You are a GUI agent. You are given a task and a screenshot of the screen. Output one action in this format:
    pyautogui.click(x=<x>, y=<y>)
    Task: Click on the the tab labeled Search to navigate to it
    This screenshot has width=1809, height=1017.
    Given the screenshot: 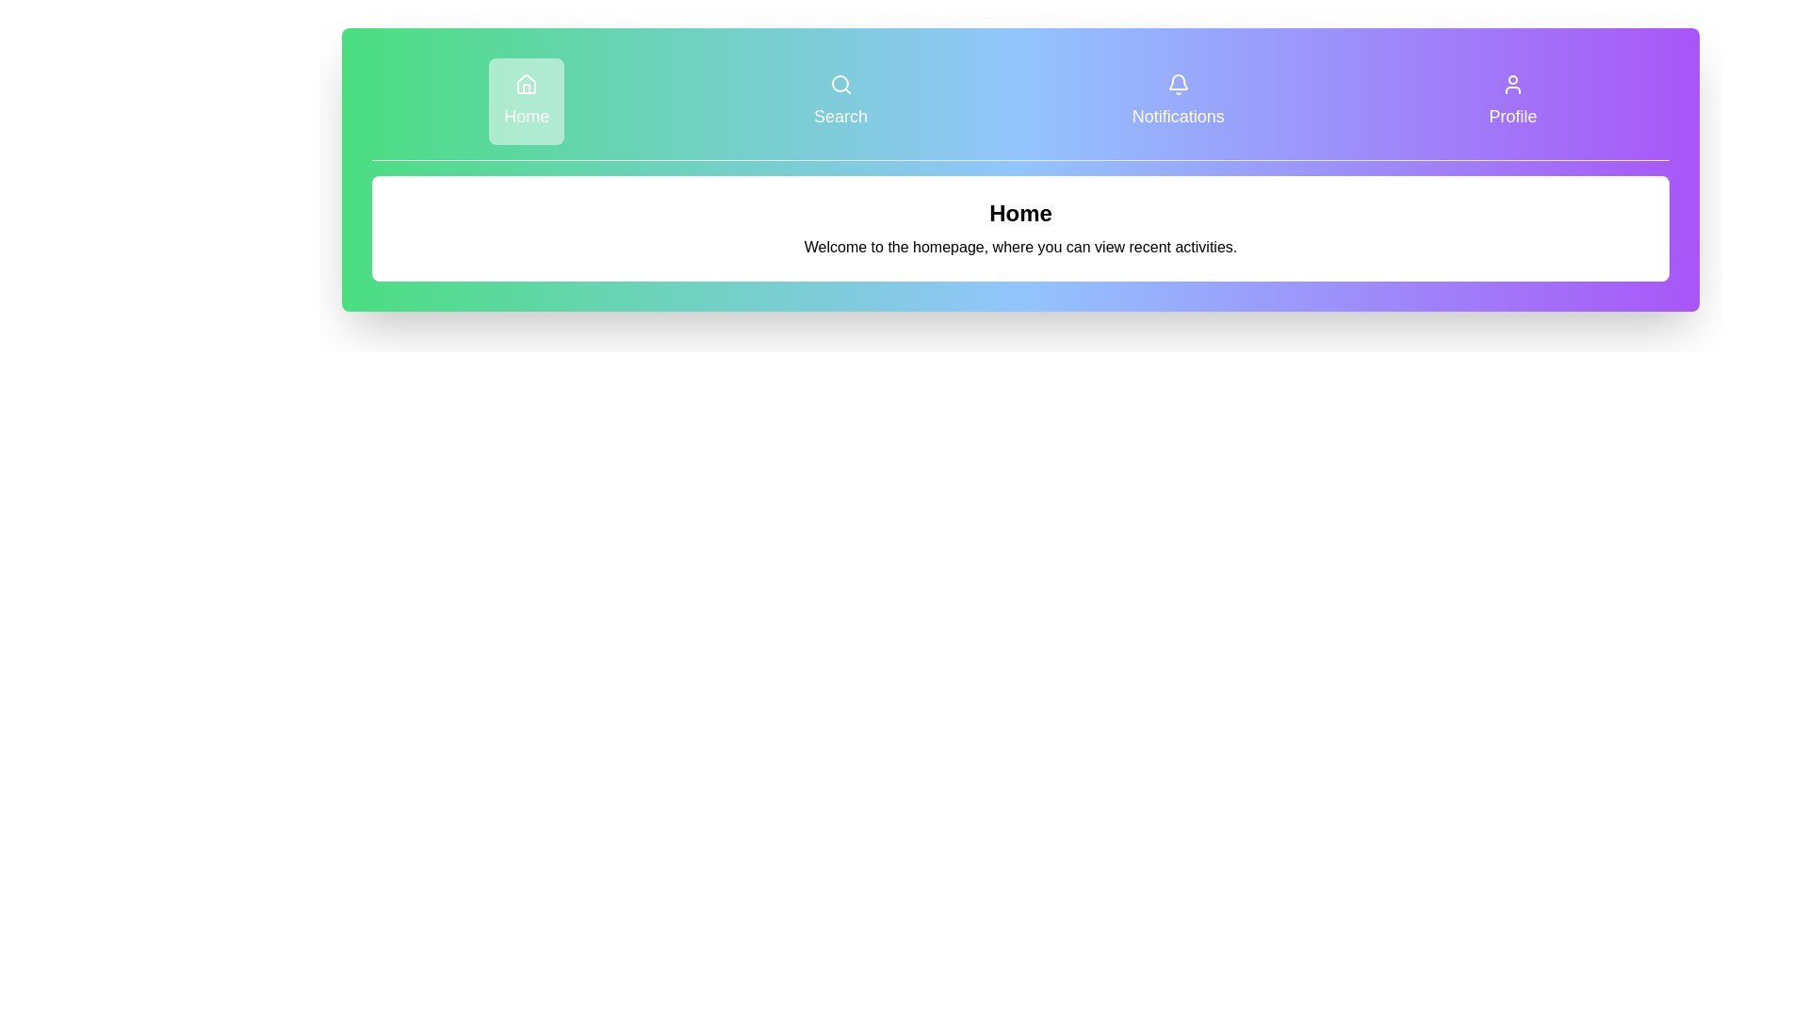 What is the action you would take?
    pyautogui.click(x=839, y=102)
    